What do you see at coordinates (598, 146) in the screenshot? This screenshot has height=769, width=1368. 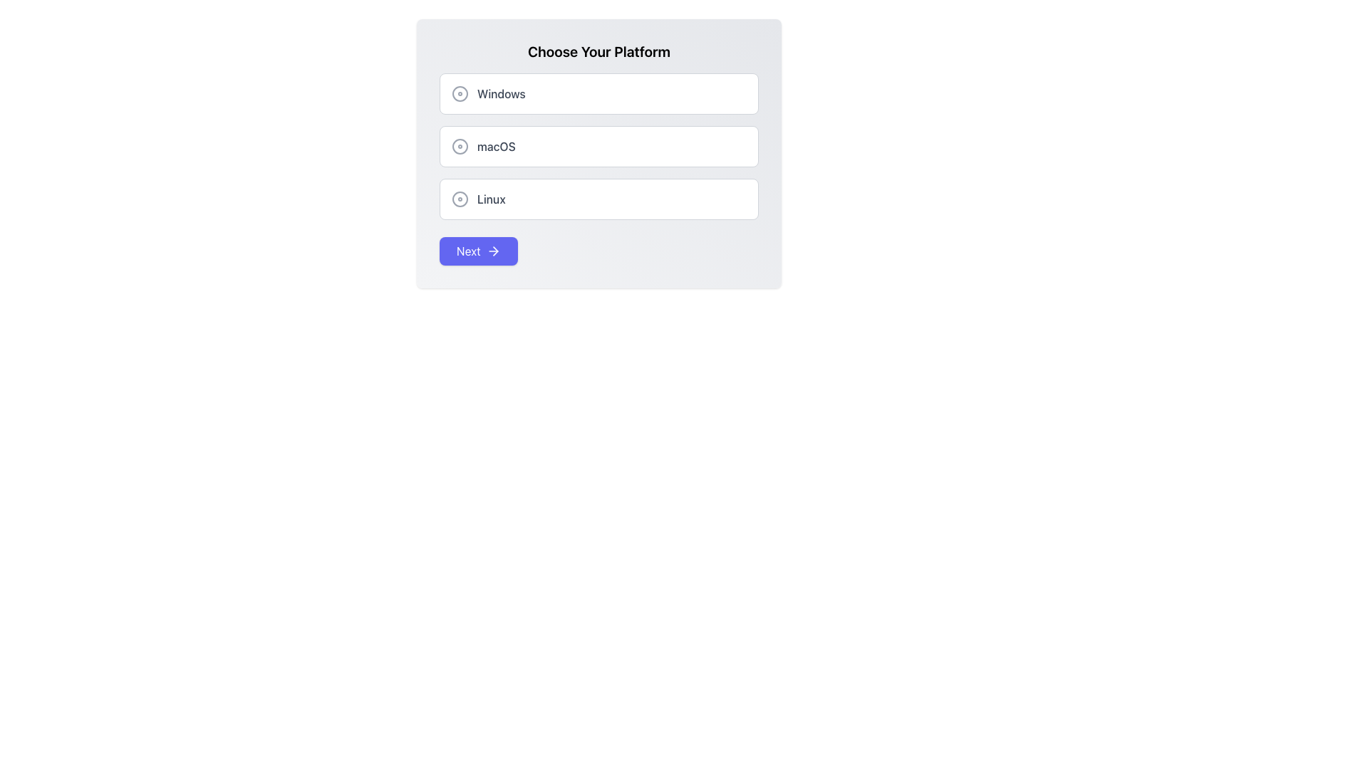 I see `the 'macOS' platform selection button, which is the second option in the list of platform choices` at bounding box center [598, 146].